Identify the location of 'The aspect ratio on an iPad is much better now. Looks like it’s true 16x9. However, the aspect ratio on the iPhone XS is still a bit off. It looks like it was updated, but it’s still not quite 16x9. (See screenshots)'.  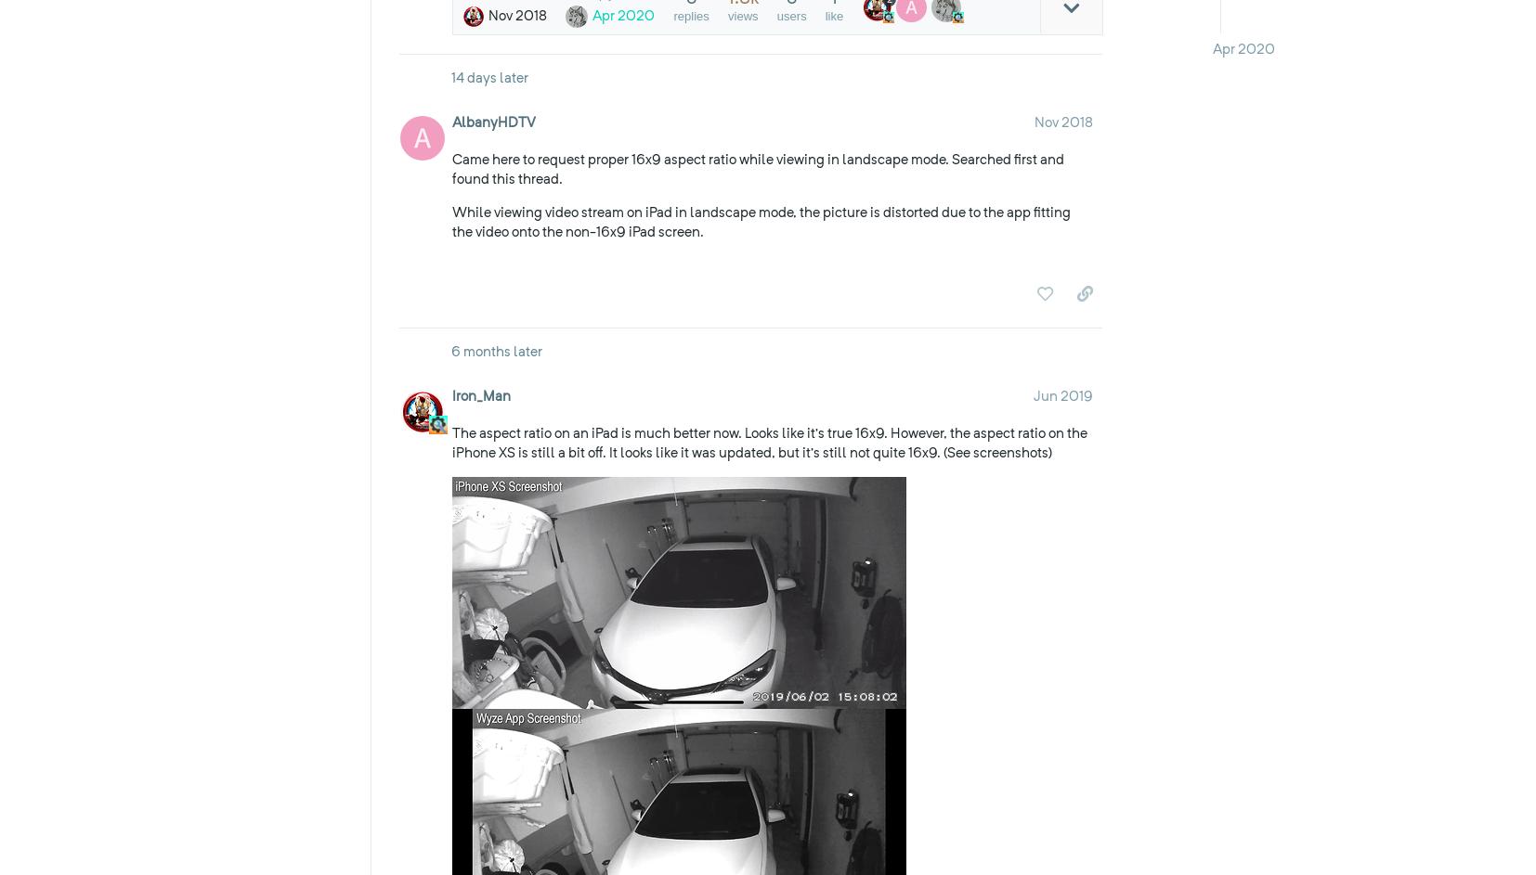
(768, 441).